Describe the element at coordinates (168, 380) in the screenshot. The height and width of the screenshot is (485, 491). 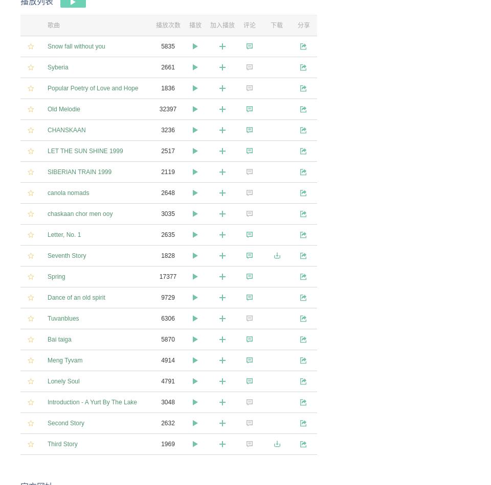
I see `'4791'` at that location.